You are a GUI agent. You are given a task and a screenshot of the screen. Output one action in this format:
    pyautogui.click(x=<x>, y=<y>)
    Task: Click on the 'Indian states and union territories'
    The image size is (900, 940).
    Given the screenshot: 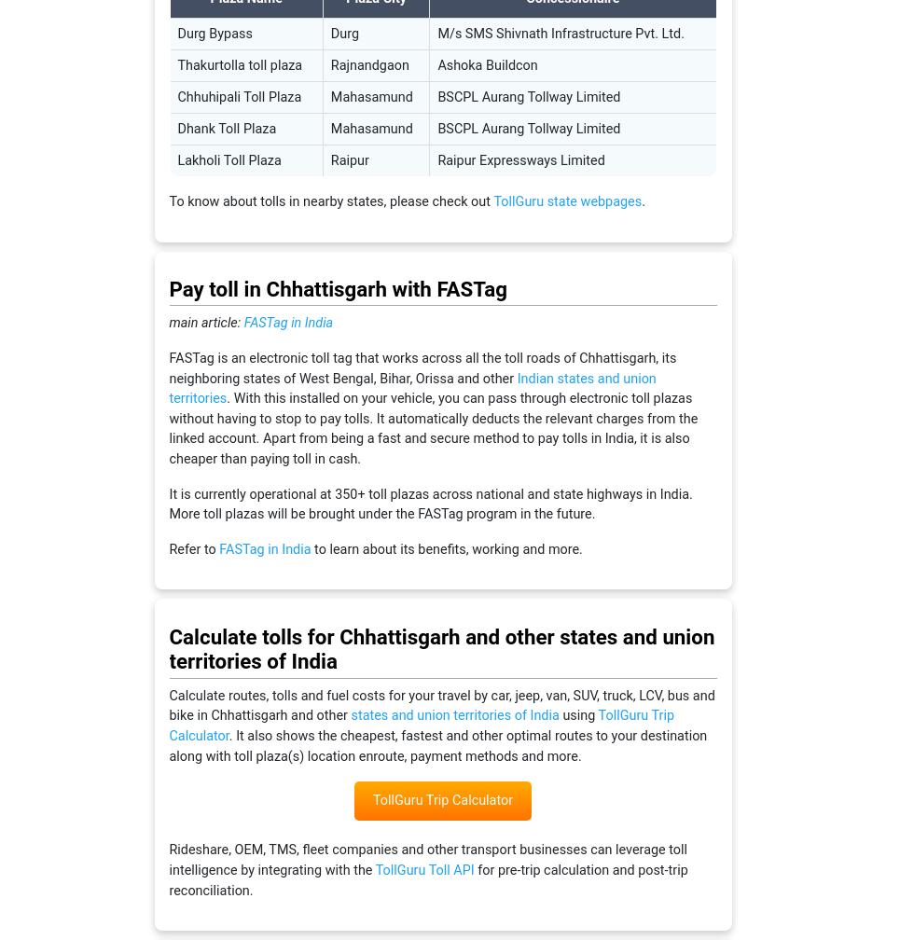 What is the action you would take?
    pyautogui.click(x=168, y=388)
    